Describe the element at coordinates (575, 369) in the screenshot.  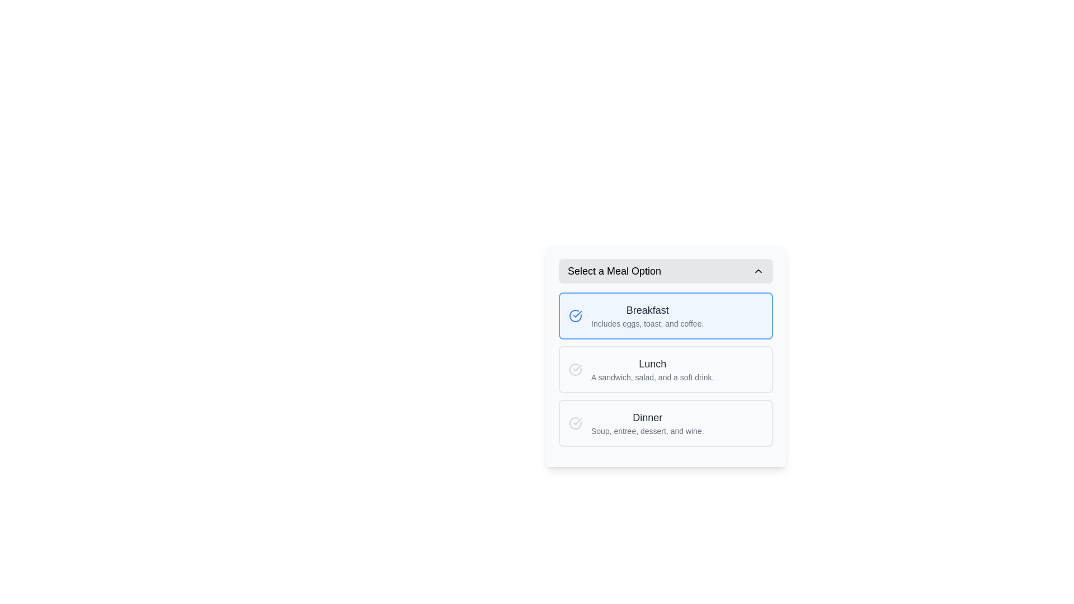
I see `the Checkbox-like SVG icon` at that location.